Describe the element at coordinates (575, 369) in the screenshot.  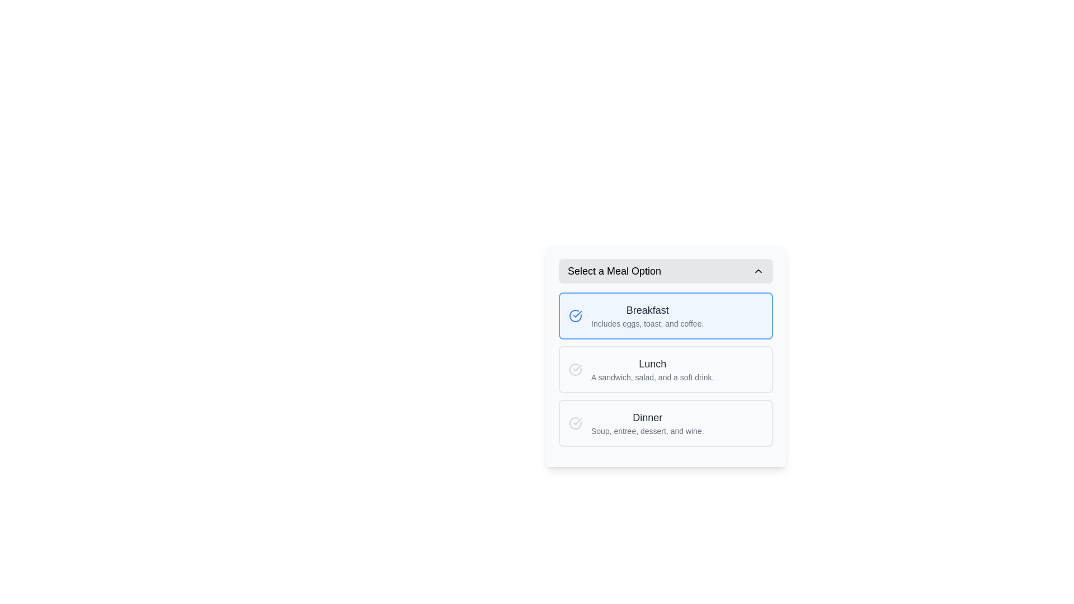
I see `the Checkbox-like SVG icon` at that location.